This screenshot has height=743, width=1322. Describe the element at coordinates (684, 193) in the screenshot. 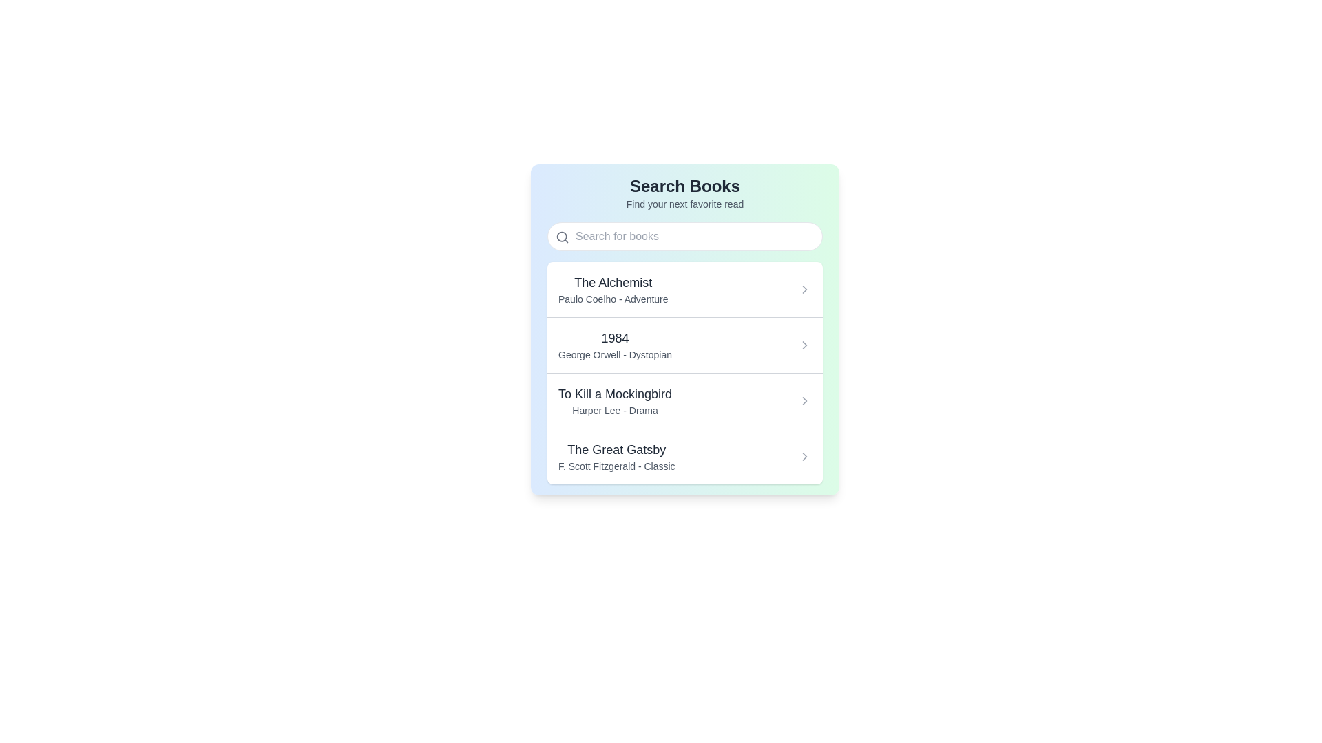

I see `the text display element that includes the title 'Search Books' and the subtitle 'Find your next favorite read'` at that location.